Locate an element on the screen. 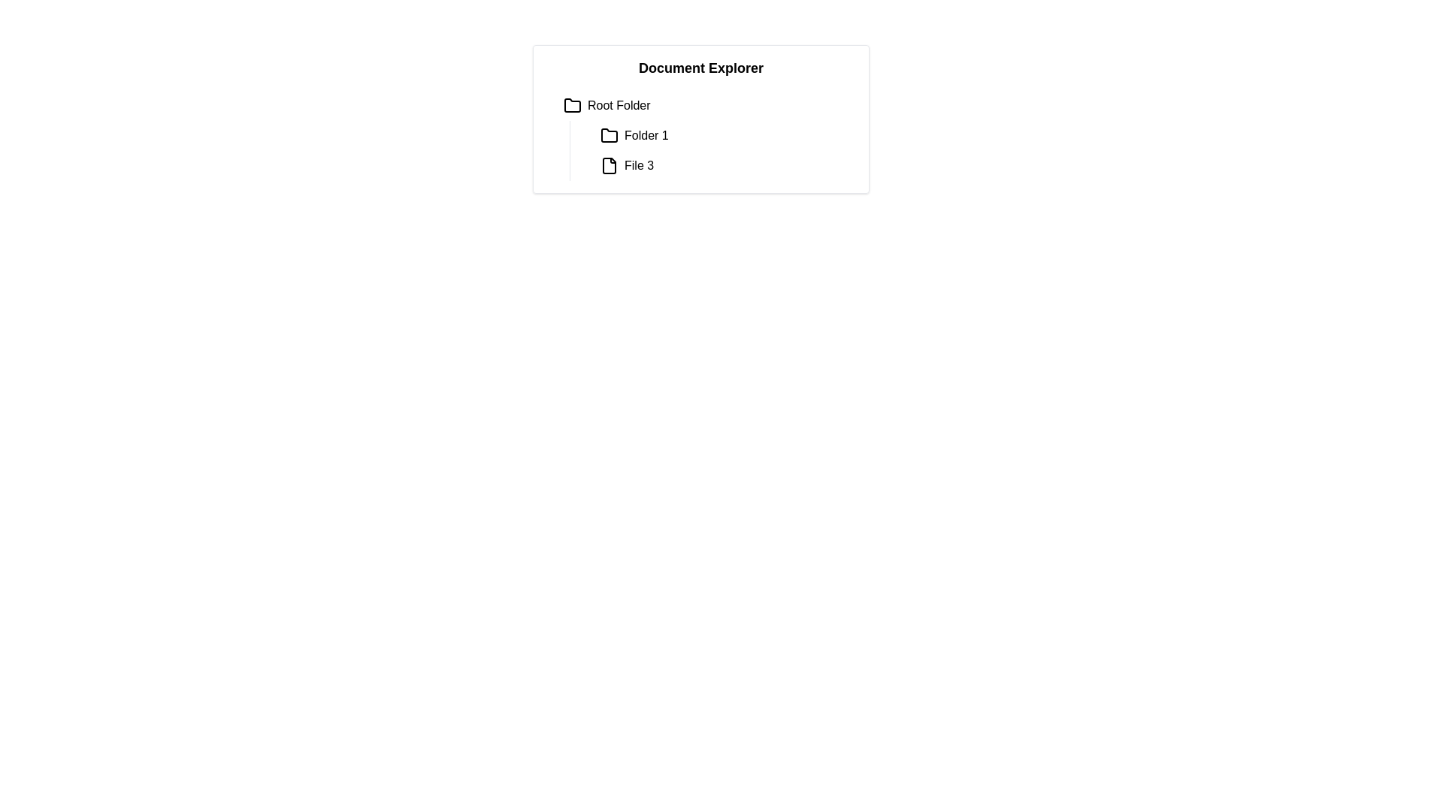 This screenshot has height=811, width=1443. the visual indicator icon for 'Folder 1' located under the 'Root Folder' in the Document Explorer interface is located at coordinates (610, 135).